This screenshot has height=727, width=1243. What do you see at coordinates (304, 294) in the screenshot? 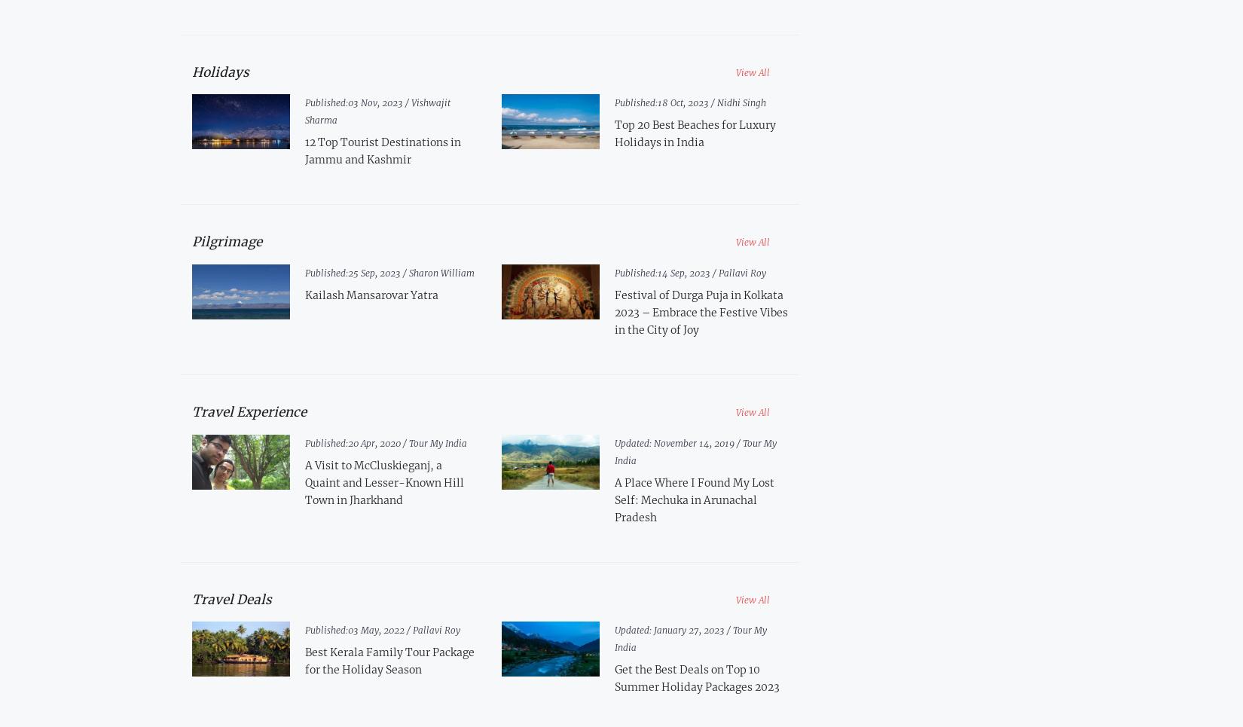
I see `'Kailash Mansarovar Yatra'` at bounding box center [304, 294].